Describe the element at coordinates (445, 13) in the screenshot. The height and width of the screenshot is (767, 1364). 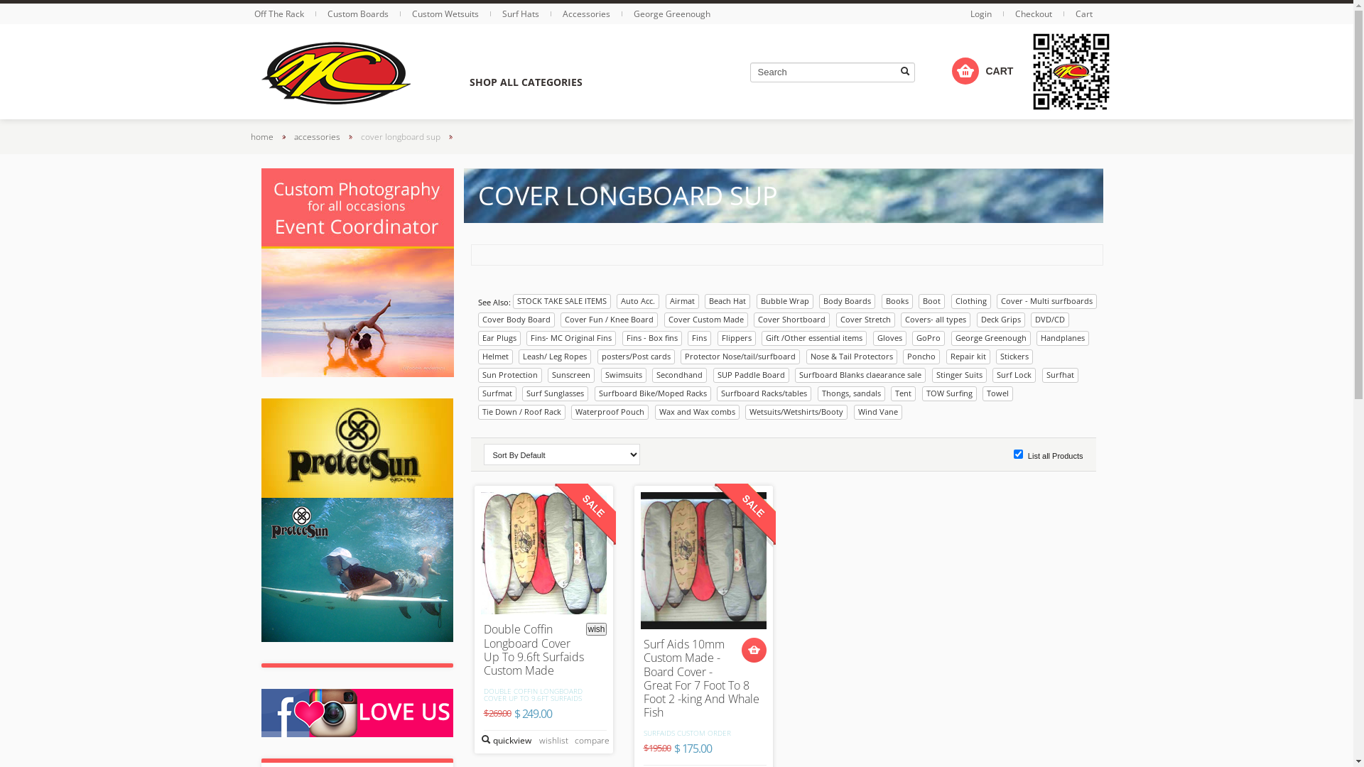
I see `'Custom Wetsuits'` at that location.